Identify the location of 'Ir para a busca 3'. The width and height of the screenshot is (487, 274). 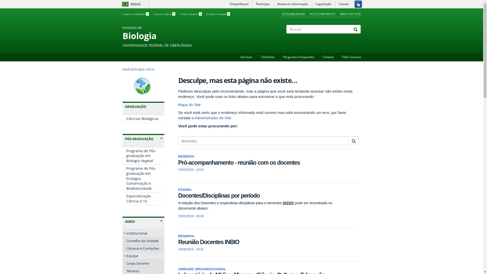
(190, 13).